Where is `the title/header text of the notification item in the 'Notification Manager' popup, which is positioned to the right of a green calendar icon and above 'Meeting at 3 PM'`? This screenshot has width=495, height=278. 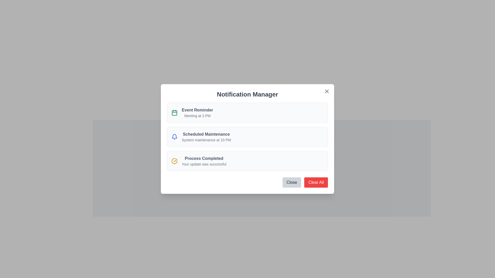
the title/header text of the notification item in the 'Notification Manager' popup, which is positioned to the right of a green calendar icon and above 'Meeting at 3 PM' is located at coordinates (197, 110).